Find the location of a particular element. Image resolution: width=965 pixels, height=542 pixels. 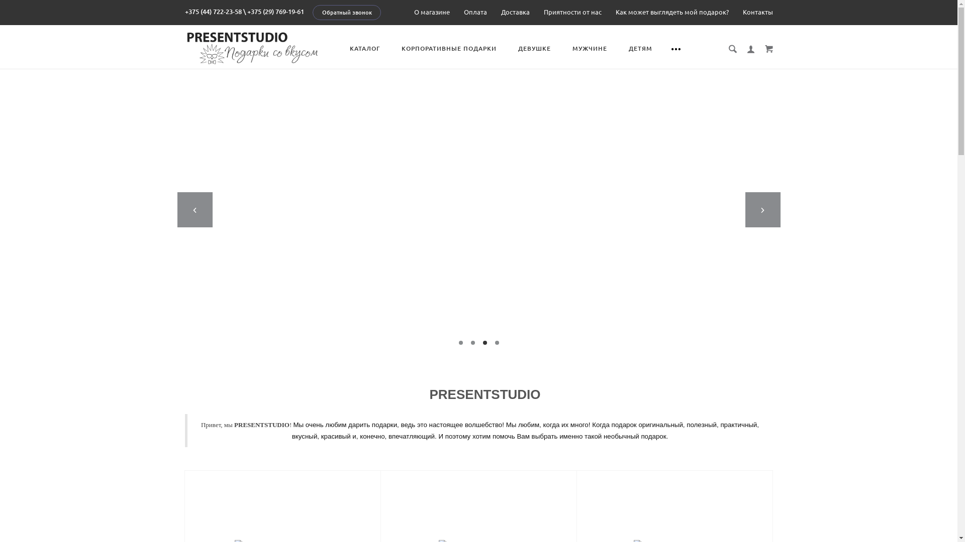

'2' is located at coordinates (472, 342).